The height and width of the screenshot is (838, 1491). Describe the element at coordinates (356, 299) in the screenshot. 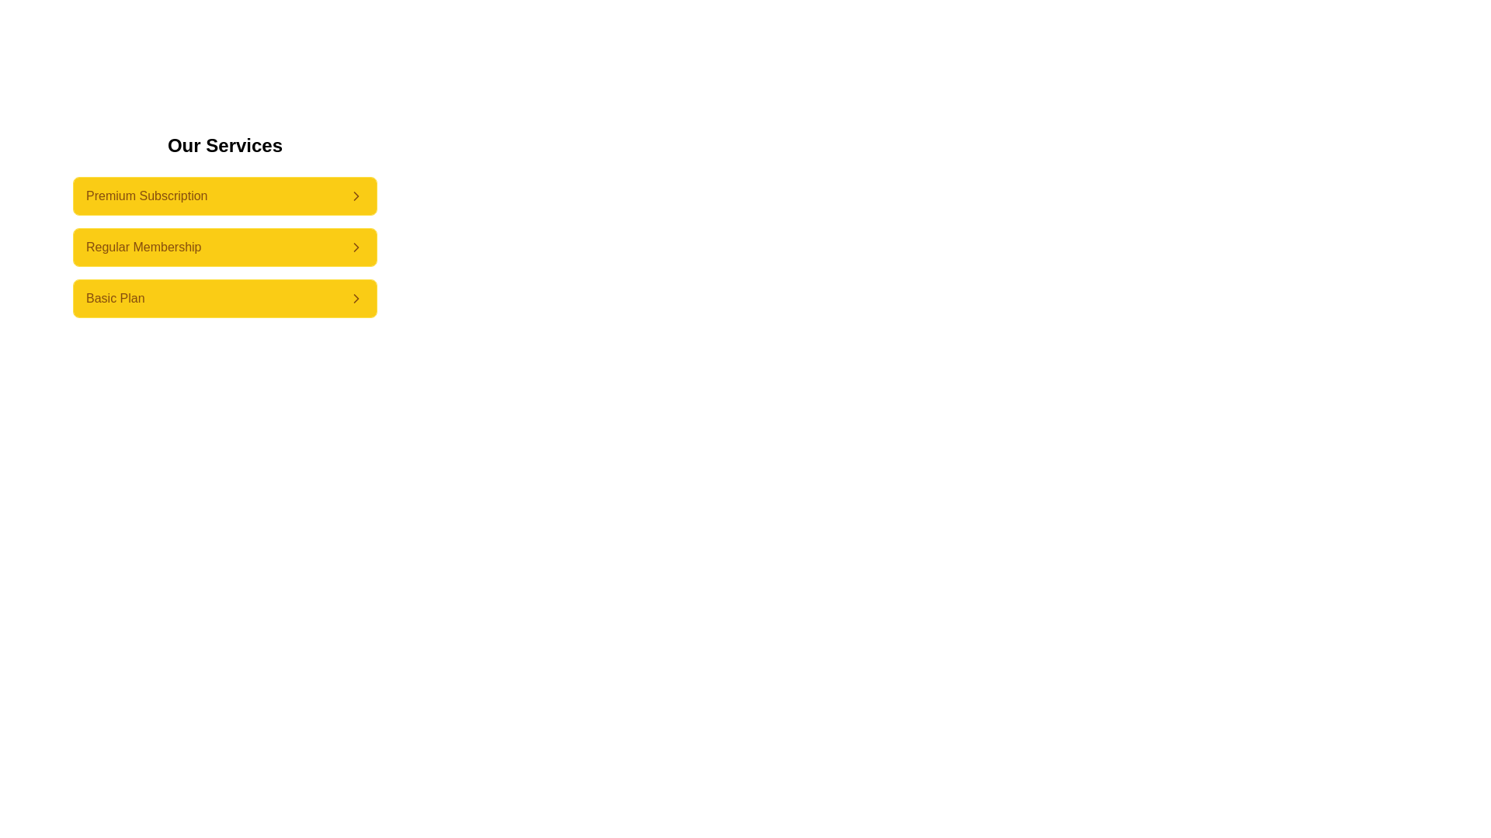

I see `the third and last chevron icon in the 'Basic Plan' option` at that location.